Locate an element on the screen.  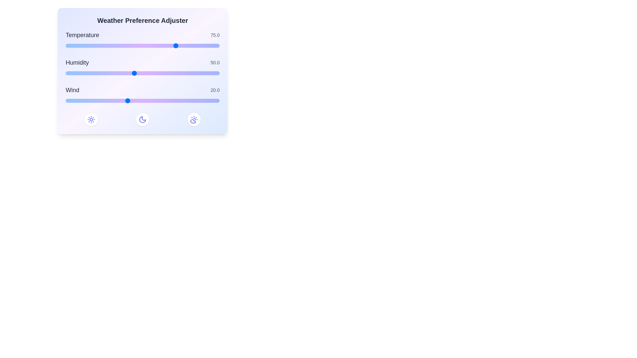
text label that identifies the purpose of the associated slider for adjusting the wind-related parameter, located to the left of the numeric value '20.0' is located at coordinates (72, 90).